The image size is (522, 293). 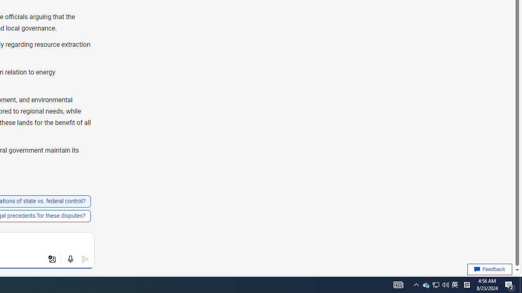 What do you see at coordinates (52, 259) in the screenshot?
I see `'Add an image to search'` at bounding box center [52, 259].